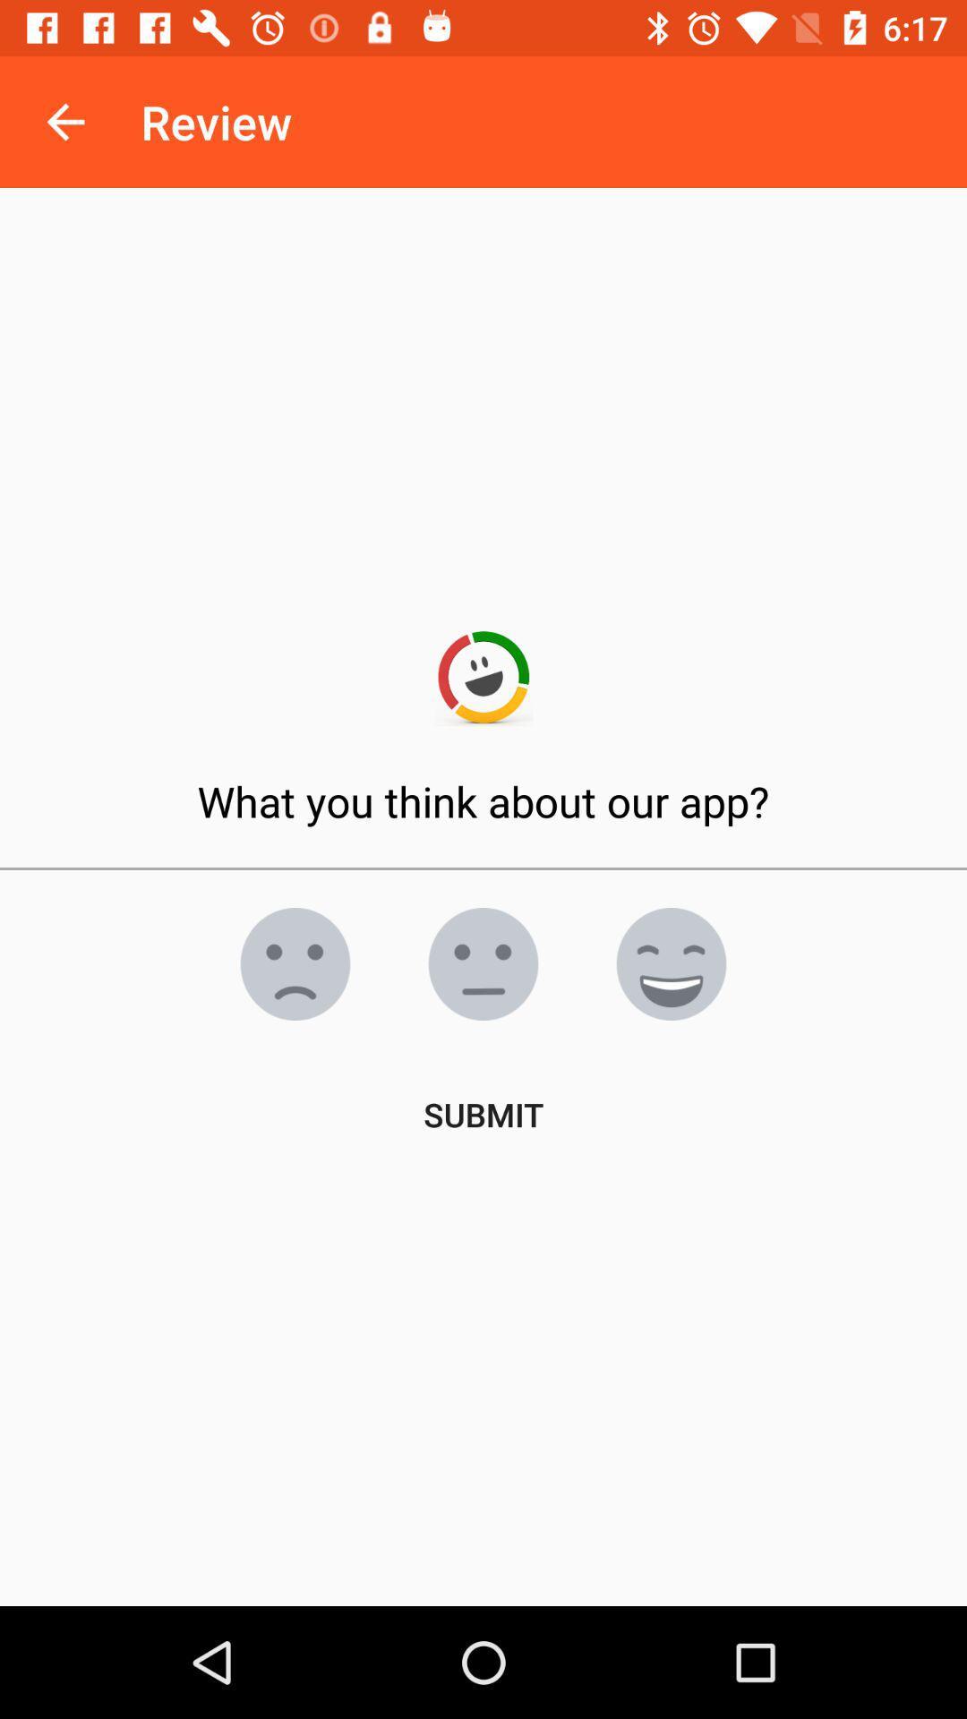 The width and height of the screenshot is (967, 1719). I want to click on neutral emoji, so click(483, 962).